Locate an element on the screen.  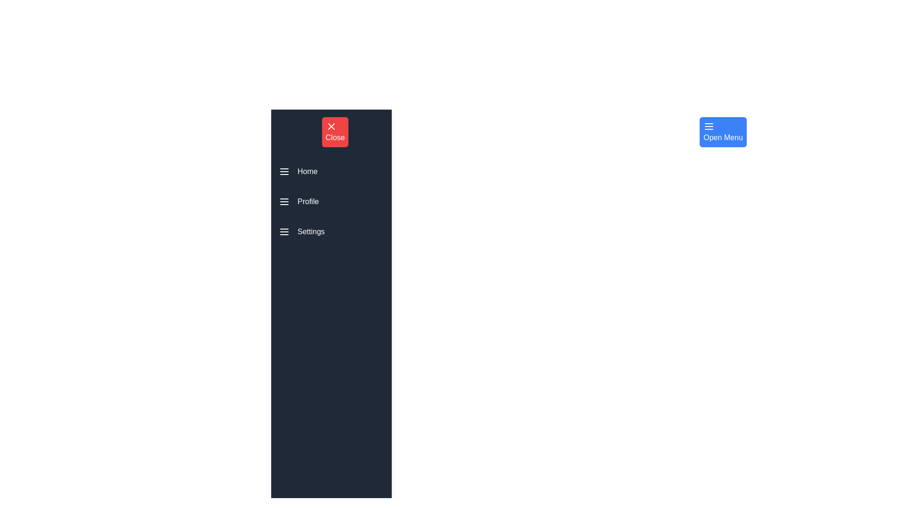
the 'Close' button to close the drawer is located at coordinates (335, 132).